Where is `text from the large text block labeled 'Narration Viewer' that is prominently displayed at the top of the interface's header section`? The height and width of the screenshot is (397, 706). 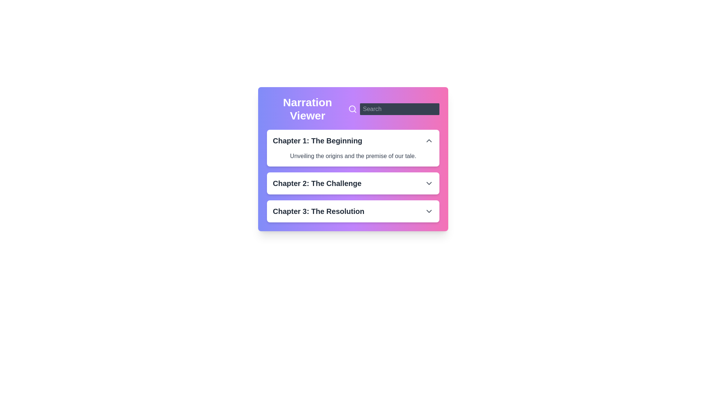 text from the large text block labeled 'Narration Viewer' that is prominently displayed at the top of the interface's header section is located at coordinates (307, 109).